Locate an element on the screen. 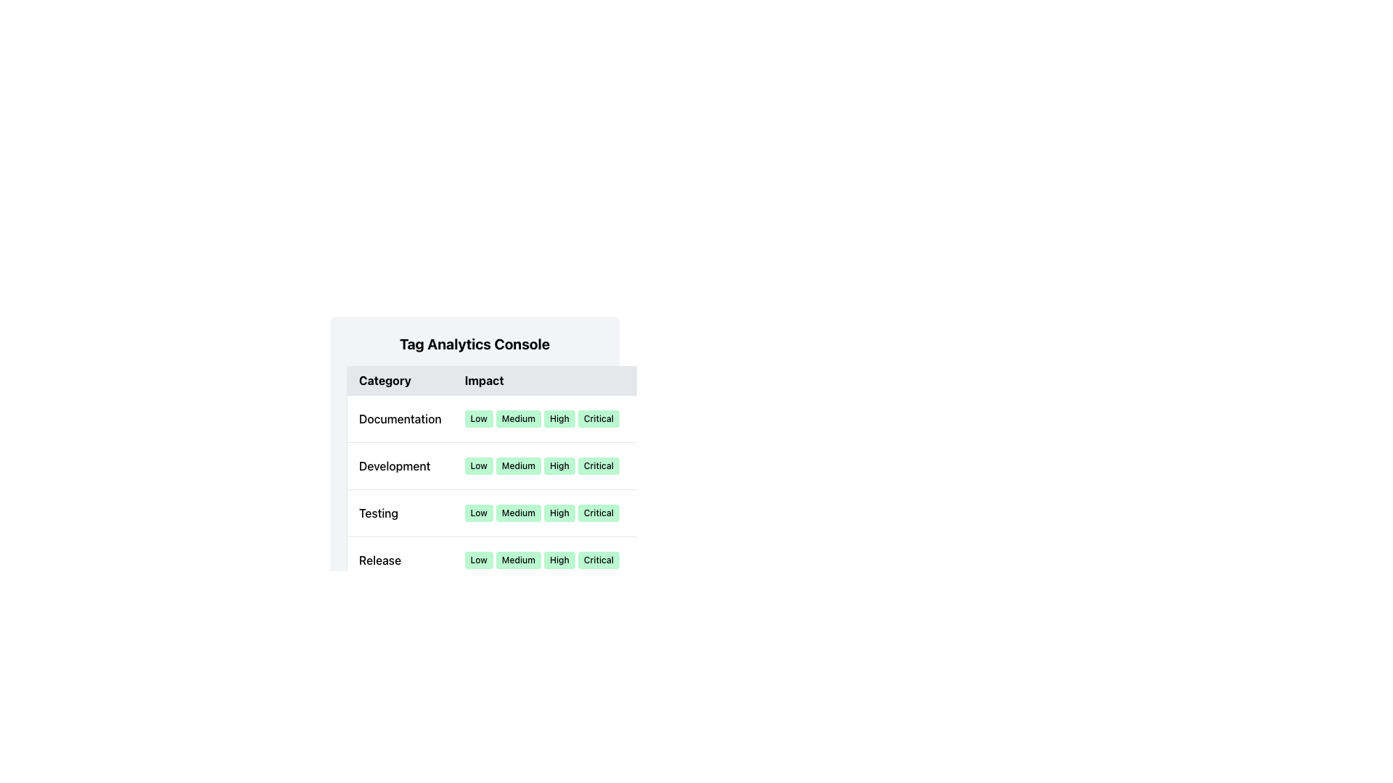  the A row of styled labels or tags in the Tag Analytics Console is located at coordinates (541, 559).